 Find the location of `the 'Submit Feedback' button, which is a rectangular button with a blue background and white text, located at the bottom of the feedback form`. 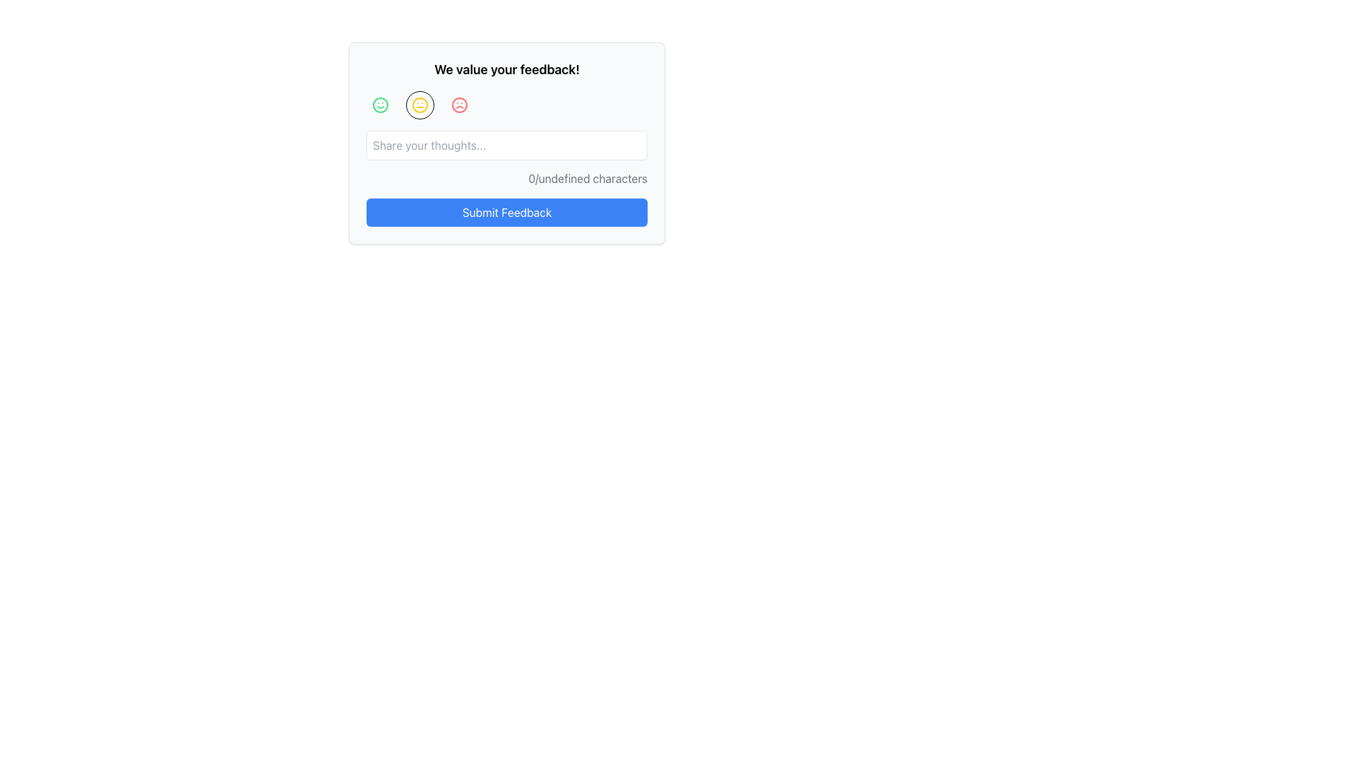

the 'Submit Feedback' button, which is a rectangular button with a blue background and white text, located at the bottom of the feedback form is located at coordinates (507, 212).